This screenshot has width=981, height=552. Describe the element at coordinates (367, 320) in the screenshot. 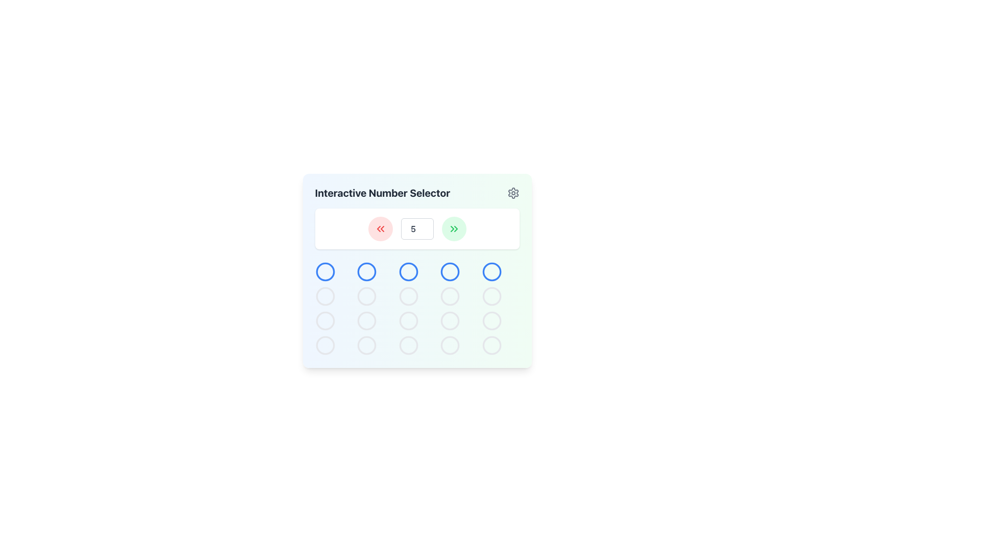

I see `the decorative gray-outlined circle located in the third row and second column of the grid` at that location.